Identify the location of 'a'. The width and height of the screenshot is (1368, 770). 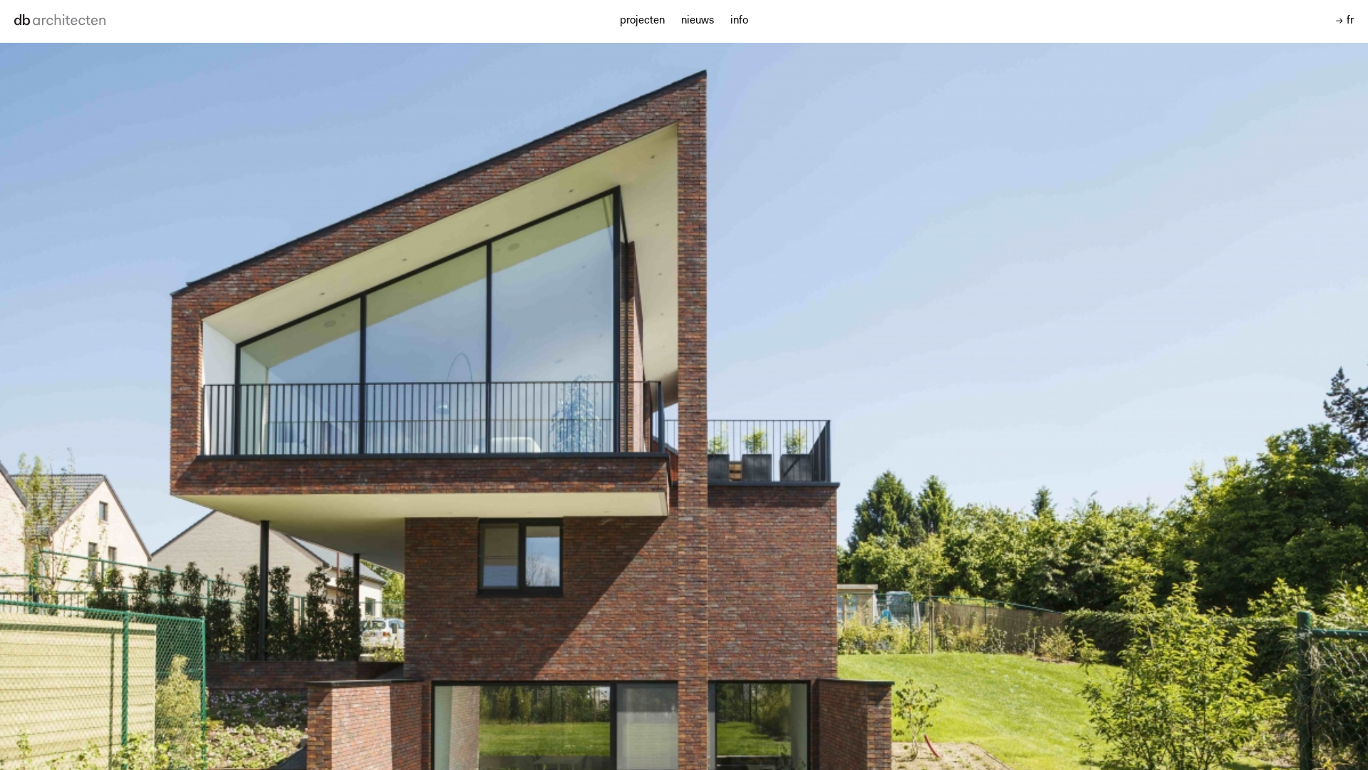
(67, 21).